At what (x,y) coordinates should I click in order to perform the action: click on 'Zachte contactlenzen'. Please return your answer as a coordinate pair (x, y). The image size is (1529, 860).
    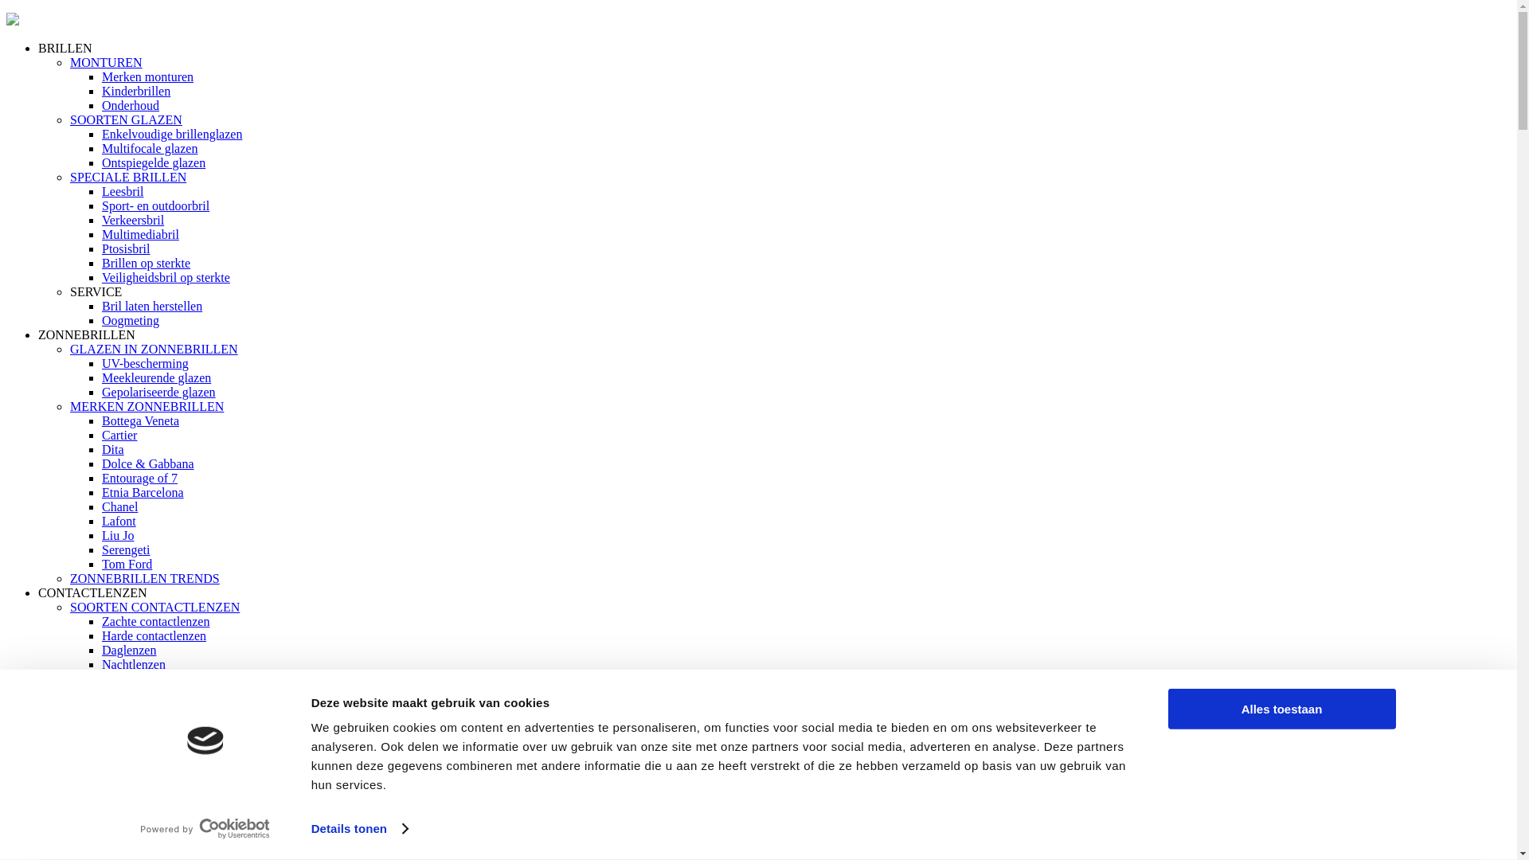
    Looking at the image, I should click on (155, 620).